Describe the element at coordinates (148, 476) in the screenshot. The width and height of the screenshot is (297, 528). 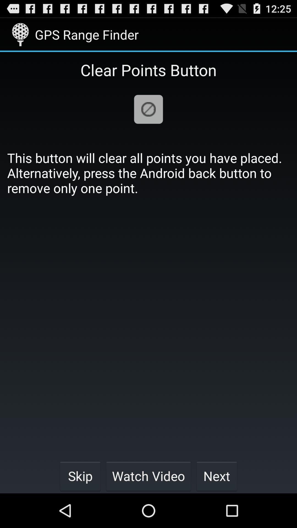
I see `the item to the left of next icon` at that location.